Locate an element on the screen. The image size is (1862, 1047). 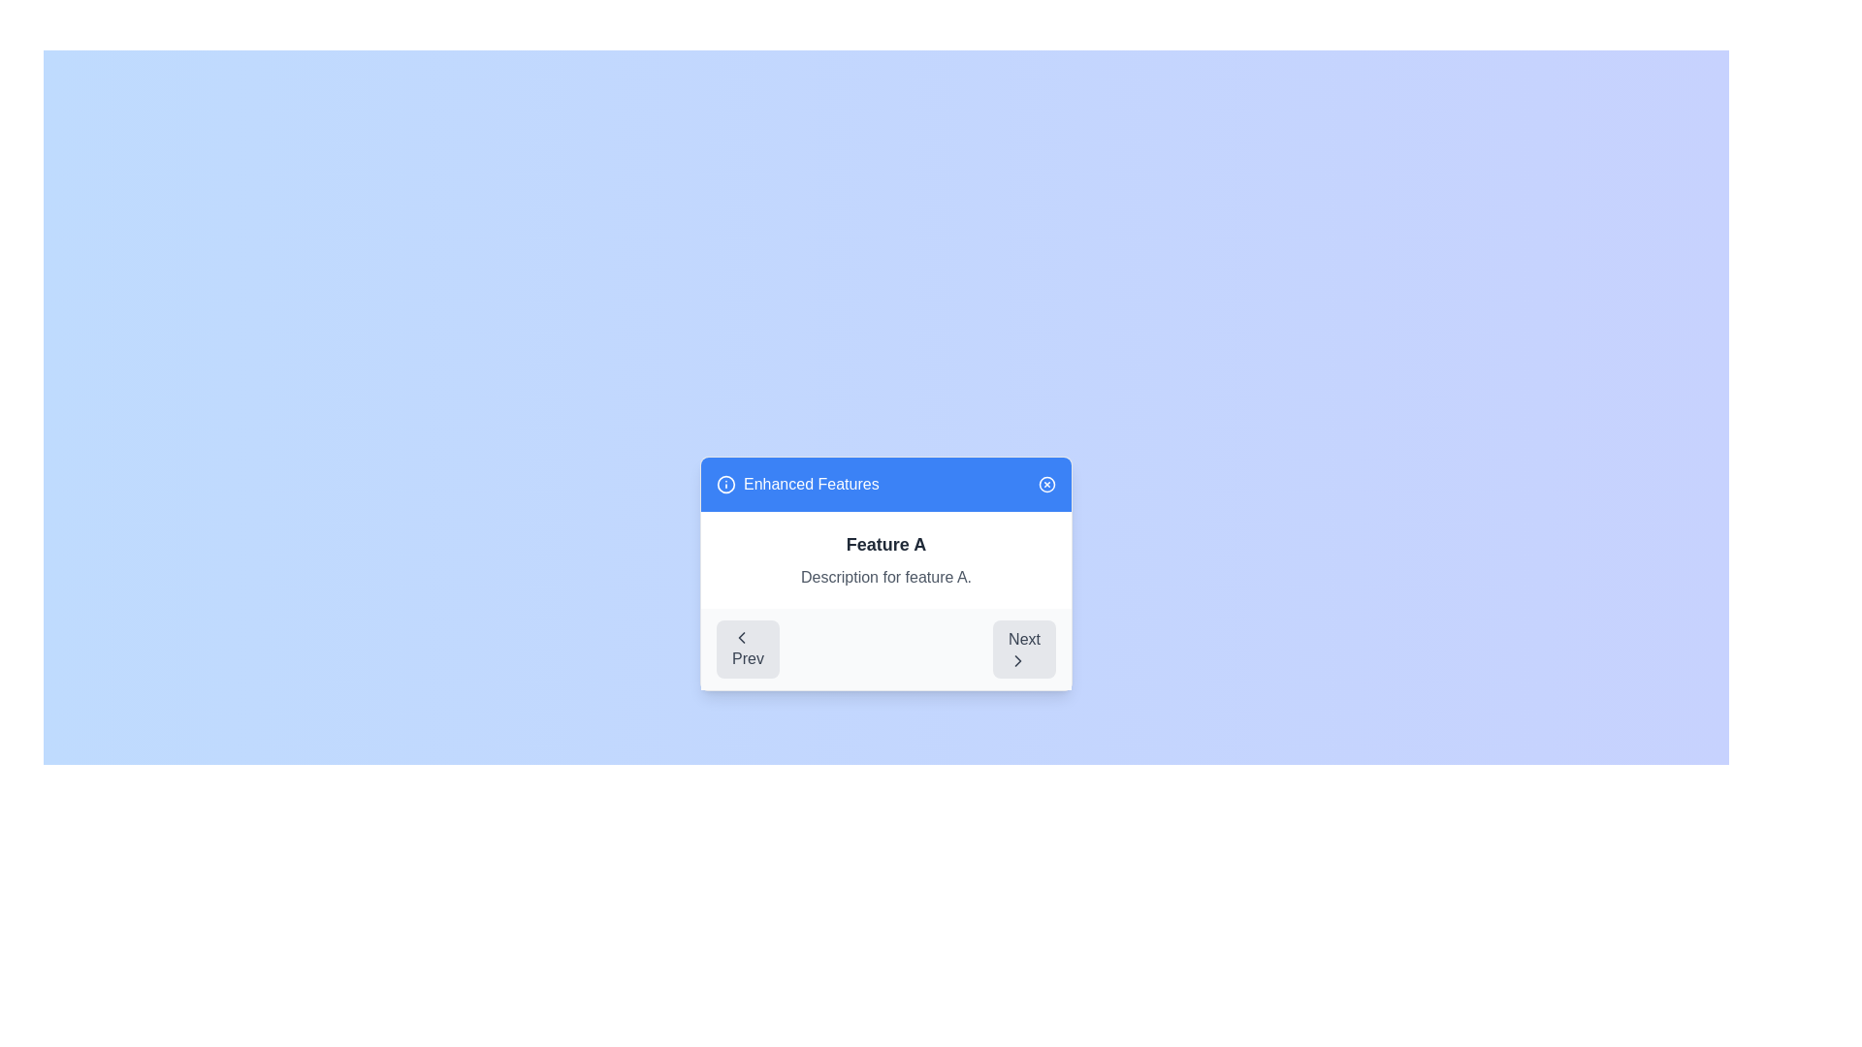
the Chevron icon inside the 'Prev' navigation button is located at coordinates (740, 638).